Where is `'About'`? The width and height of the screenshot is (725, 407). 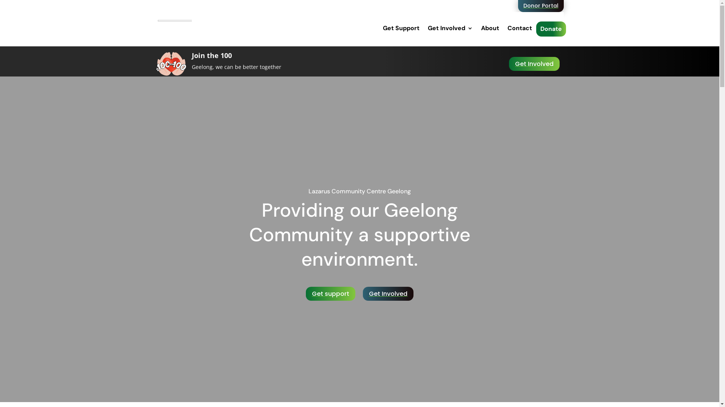 'About' is located at coordinates (490, 28).